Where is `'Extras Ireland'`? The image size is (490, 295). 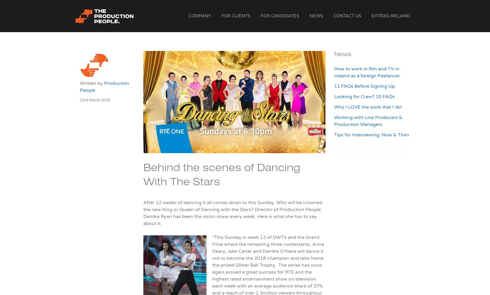
'Extras Ireland' is located at coordinates (391, 16).